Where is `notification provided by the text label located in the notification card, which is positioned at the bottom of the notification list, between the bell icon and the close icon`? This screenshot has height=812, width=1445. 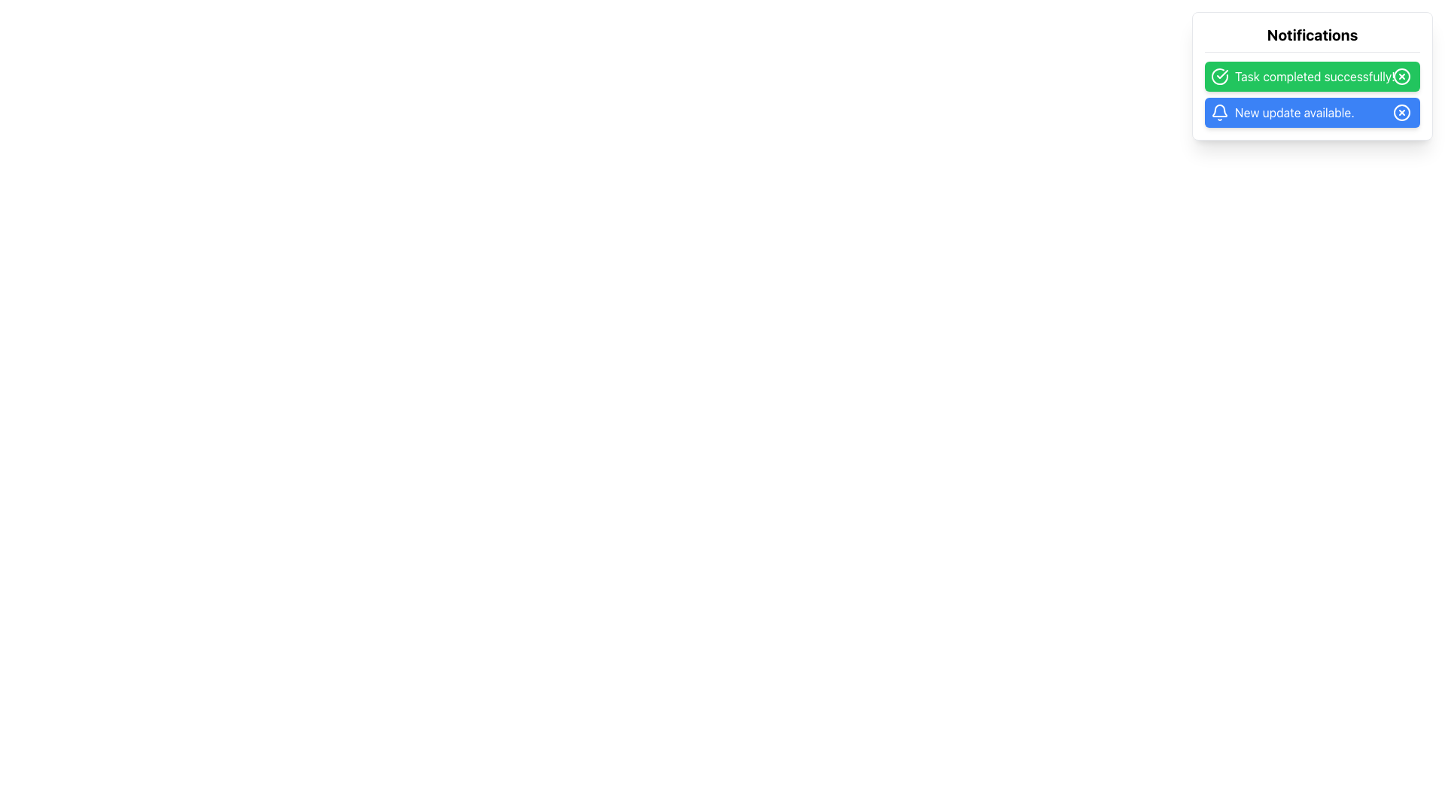
notification provided by the text label located in the notification card, which is positioned at the bottom of the notification list, between the bell icon and the close icon is located at coordinates (1294, 112).